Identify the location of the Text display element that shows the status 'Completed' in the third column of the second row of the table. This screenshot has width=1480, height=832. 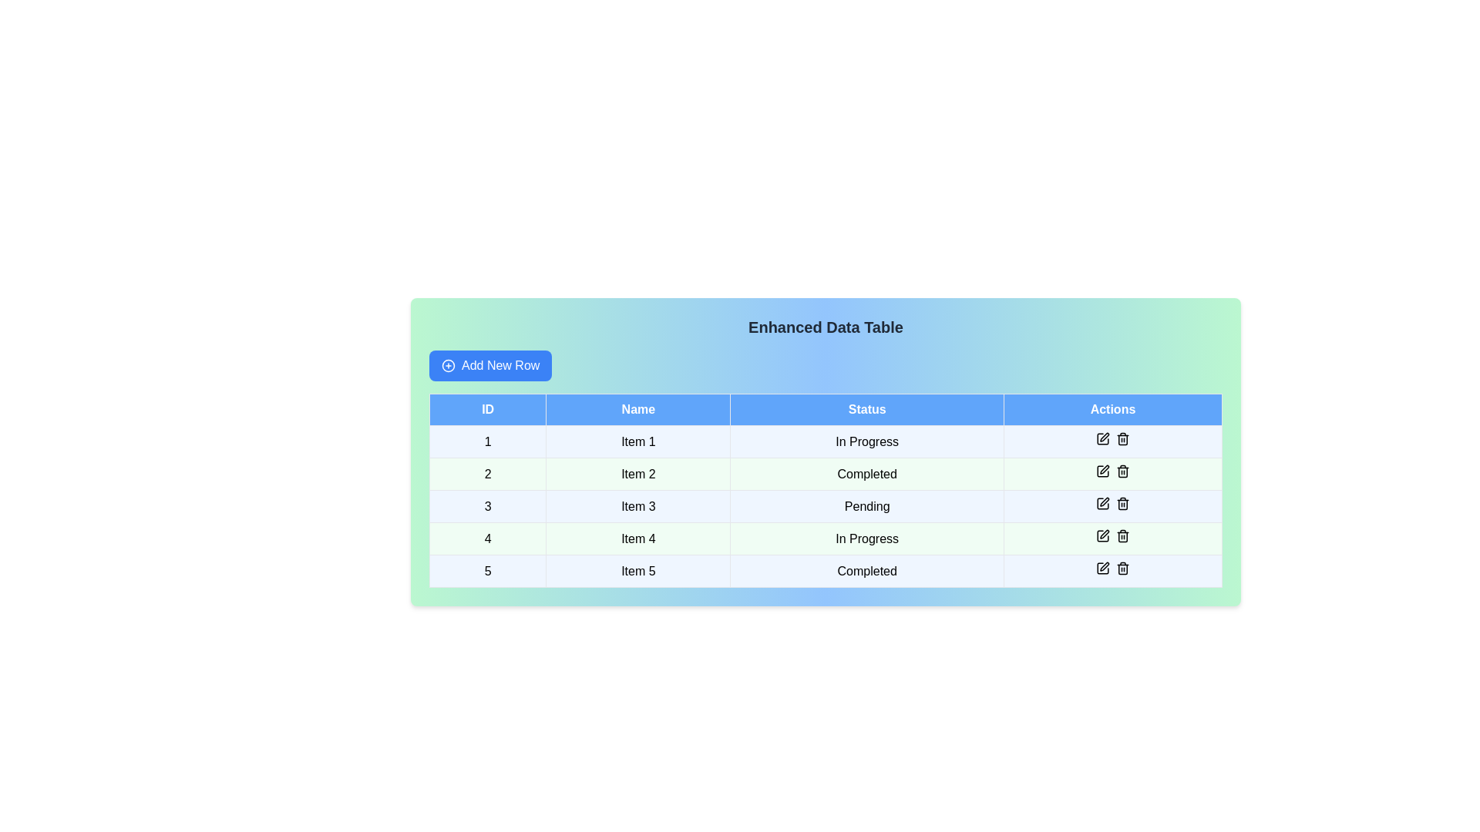
(867, 473).